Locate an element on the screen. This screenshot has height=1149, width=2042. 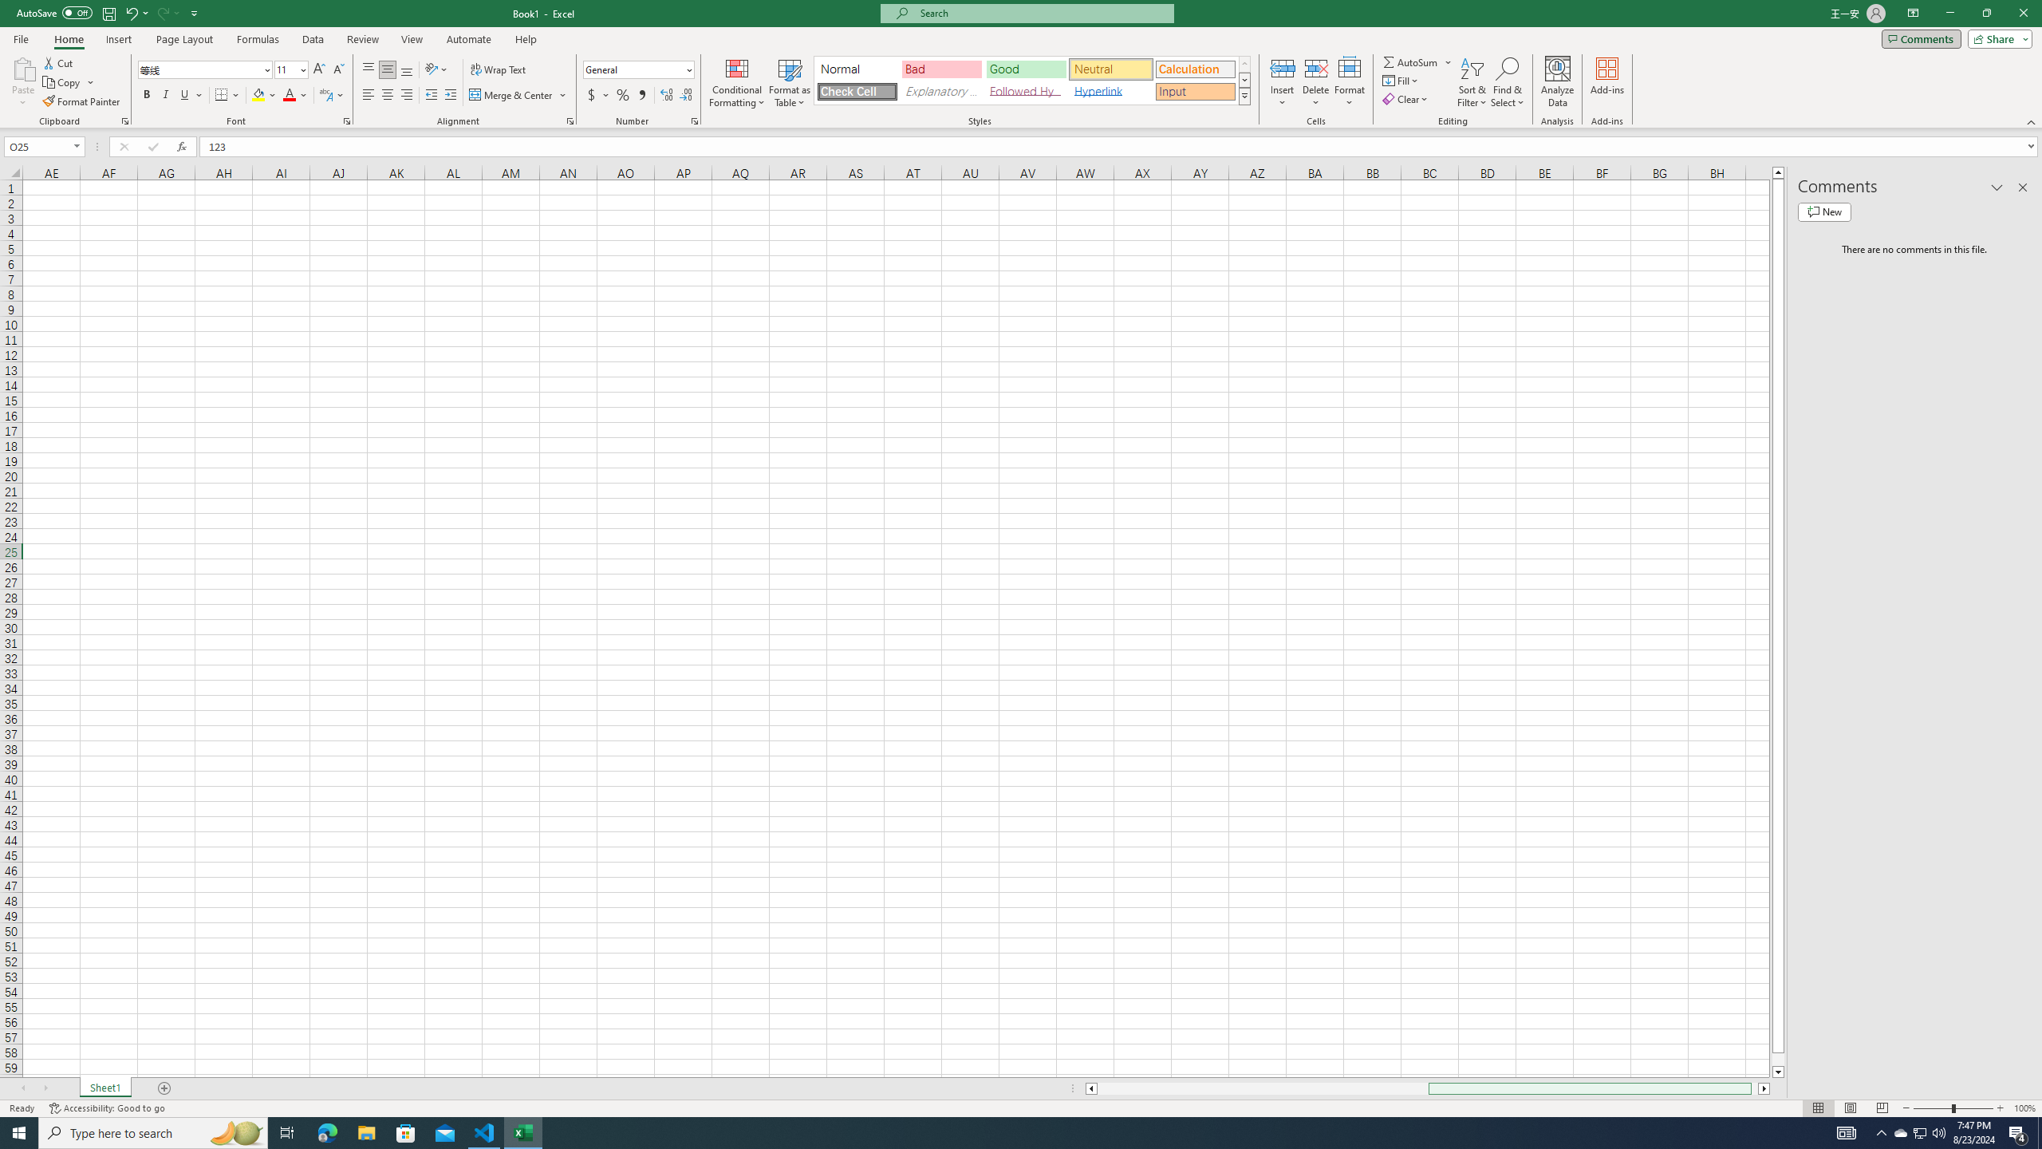
'Decrease Font Size' is located at coordinates (337, 69).